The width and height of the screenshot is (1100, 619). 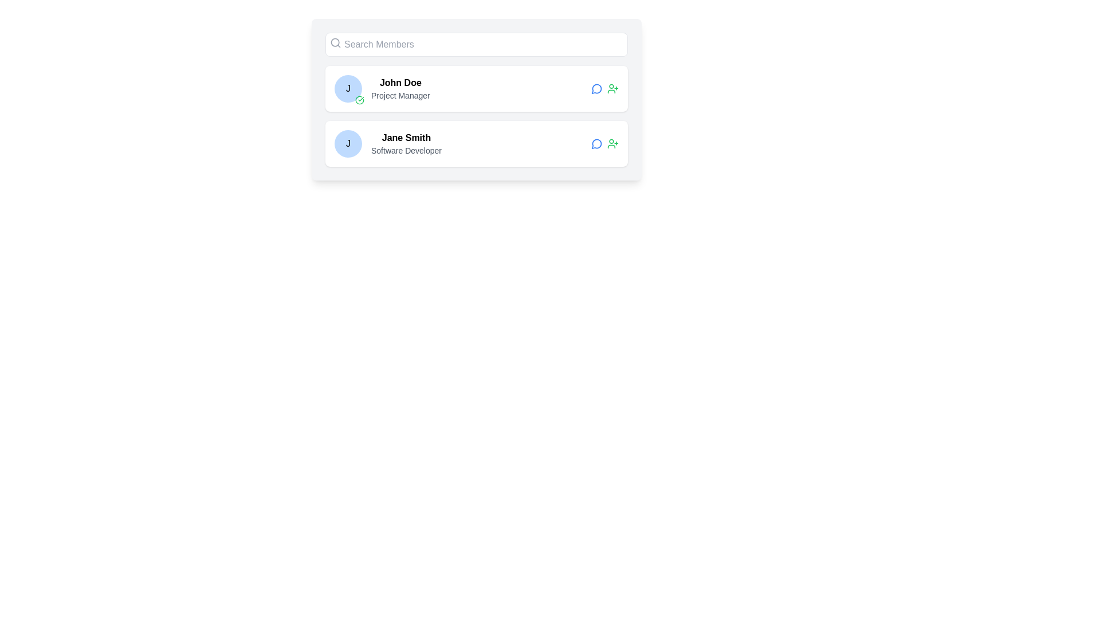 What do you see at coordinates (388, 143) in the screenshot?
I see `the List item containing user information for 'Jane Smith', which includes a circular avatar with 'J' and the text 'Jane Smith' and 'Software Developer'` at bounding box center [388, 143].